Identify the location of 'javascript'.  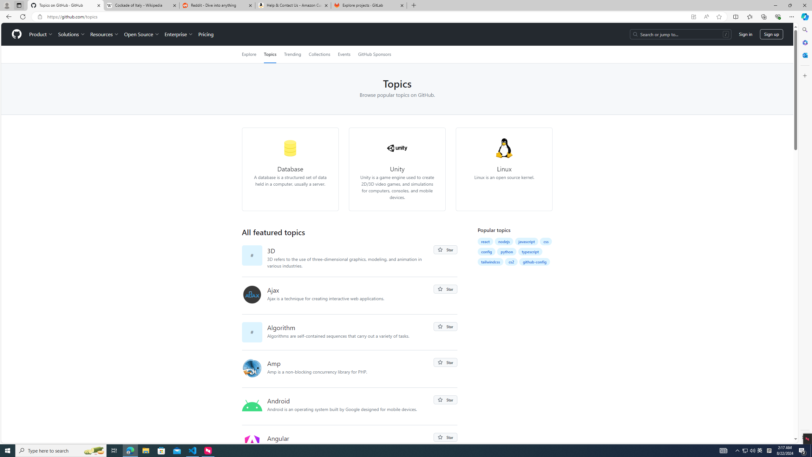
(527, 242).